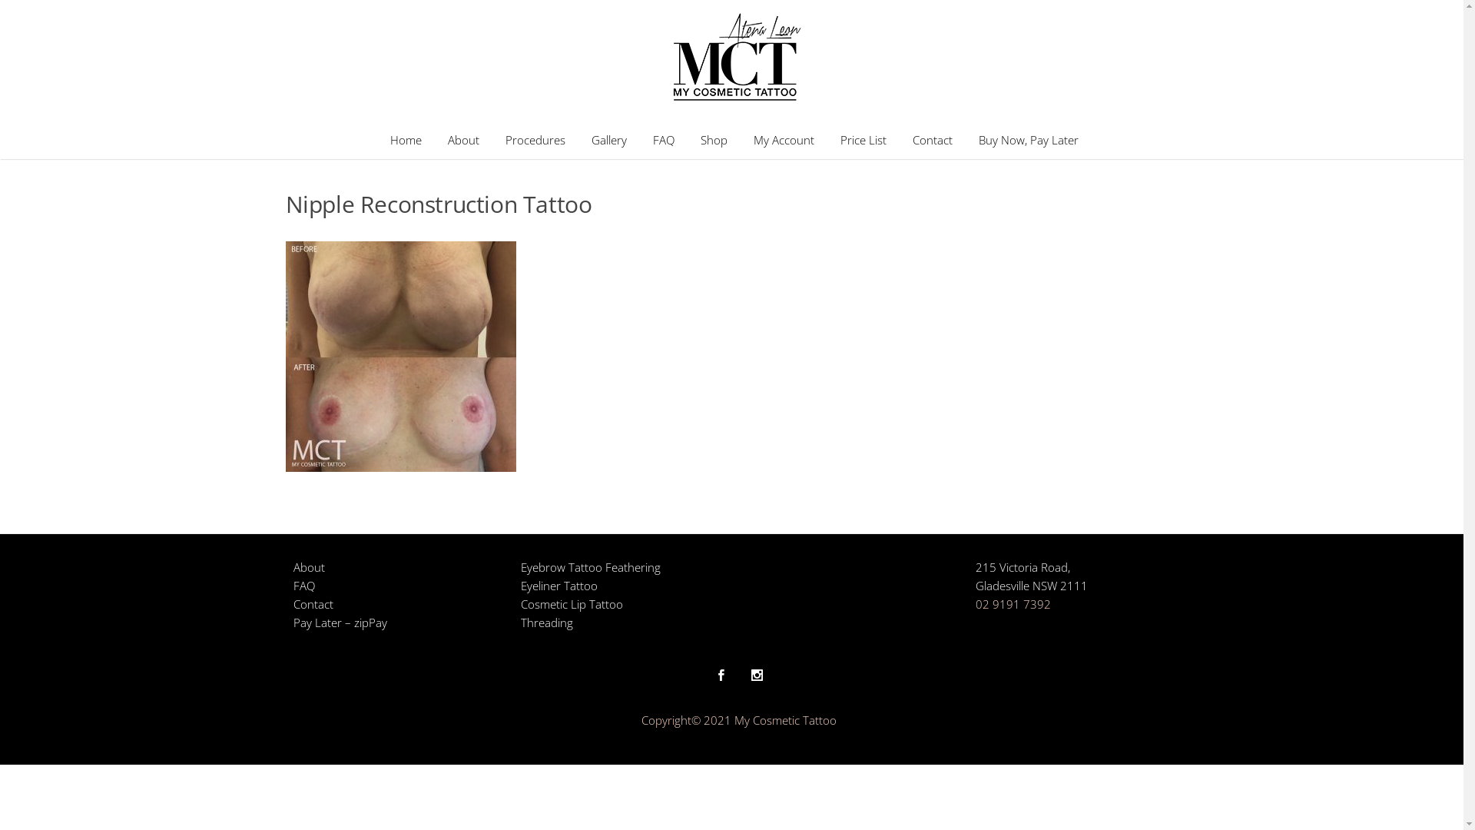  What do you see at coordinates (720, 672) in the screenshot?
I see `'Facebook'` at bounding box center [720, 672].